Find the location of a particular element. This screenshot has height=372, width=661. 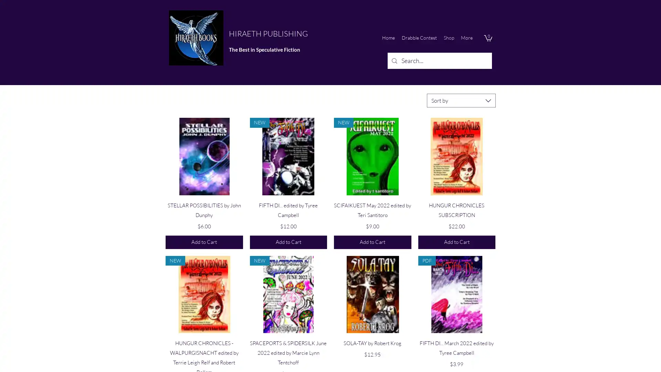

Add to Cart is located at coordinates (204, 241).